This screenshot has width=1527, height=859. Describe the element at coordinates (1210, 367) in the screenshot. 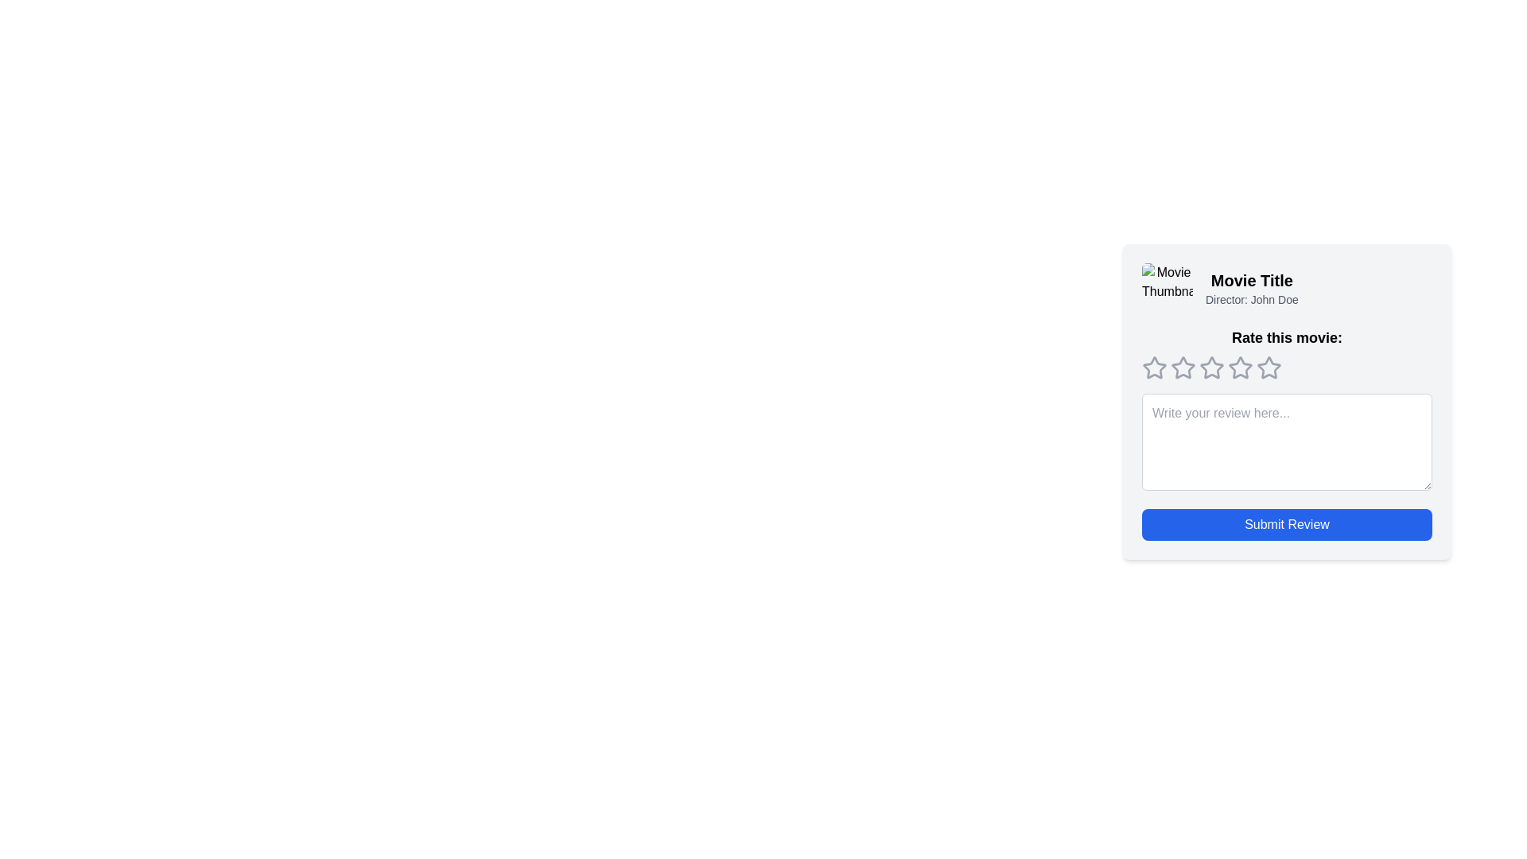

I see `the second star icon in the 5-star rating system` at that location.